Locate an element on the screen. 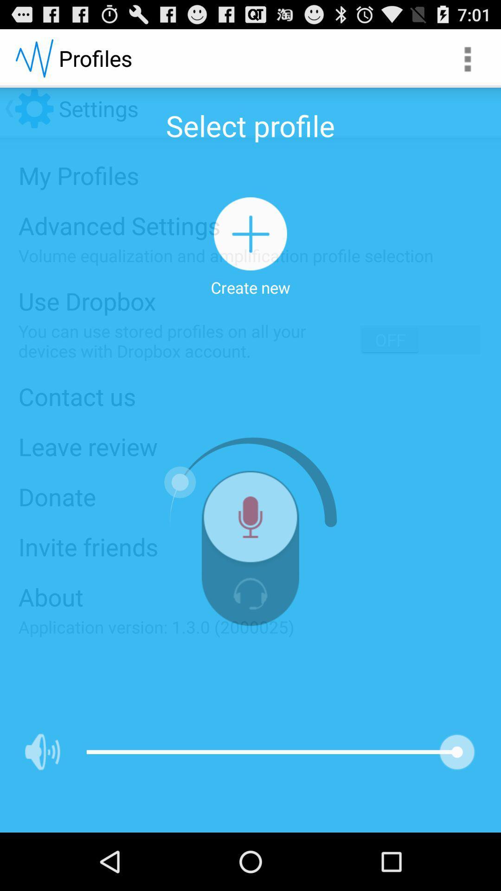 This screenshot has height=891, width=501. icon above the select profile app is located at coordinates (467, 58).